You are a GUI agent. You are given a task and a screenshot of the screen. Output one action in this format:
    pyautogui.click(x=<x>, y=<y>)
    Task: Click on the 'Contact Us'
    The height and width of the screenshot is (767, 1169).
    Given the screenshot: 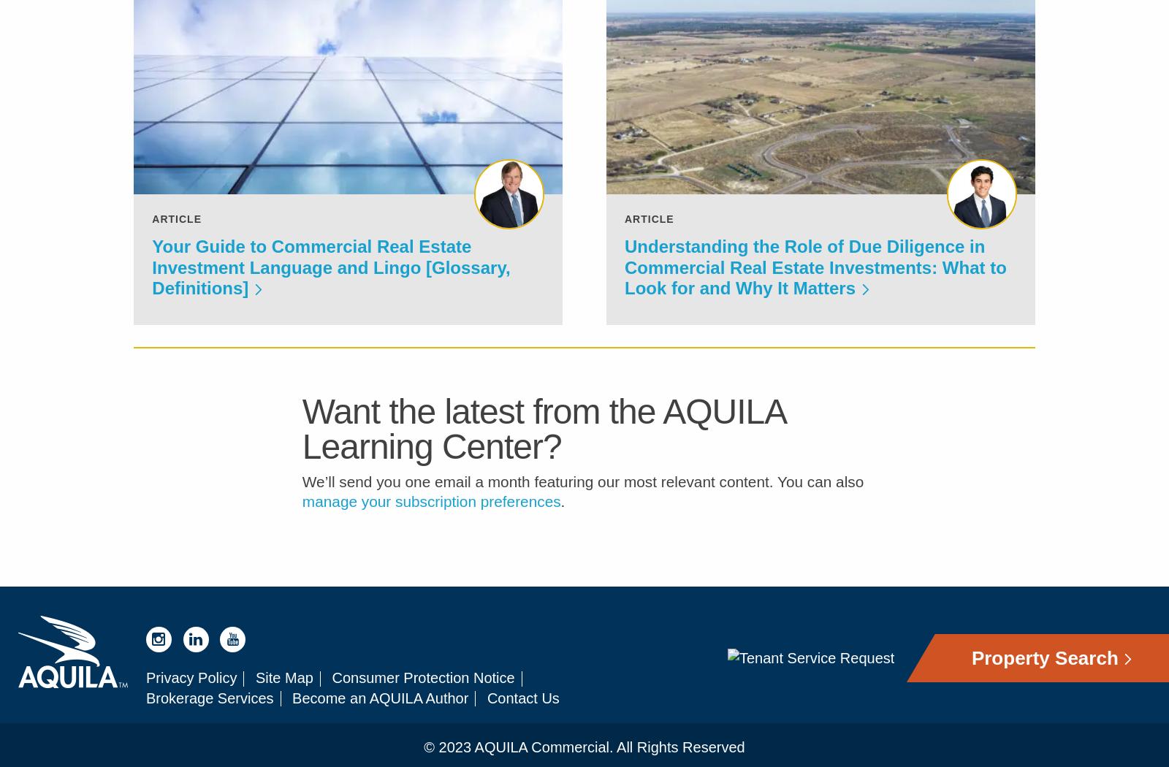 What is the action you would take?
    pyautogui.click(x=522, y=707)
    